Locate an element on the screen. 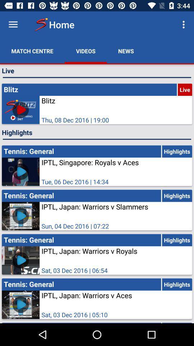 This screenshot has height=346, width=194. the app next to videos is located at coordinates (32, 50).